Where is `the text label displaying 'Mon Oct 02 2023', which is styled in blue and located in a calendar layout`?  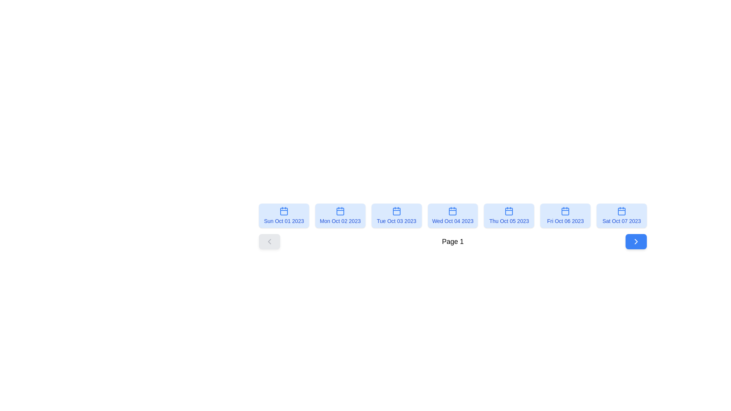 the text label displaying 'Mon Oct 02 2023', which is styled in blue and located in a calendar layout is located at coordinates (340, 221).